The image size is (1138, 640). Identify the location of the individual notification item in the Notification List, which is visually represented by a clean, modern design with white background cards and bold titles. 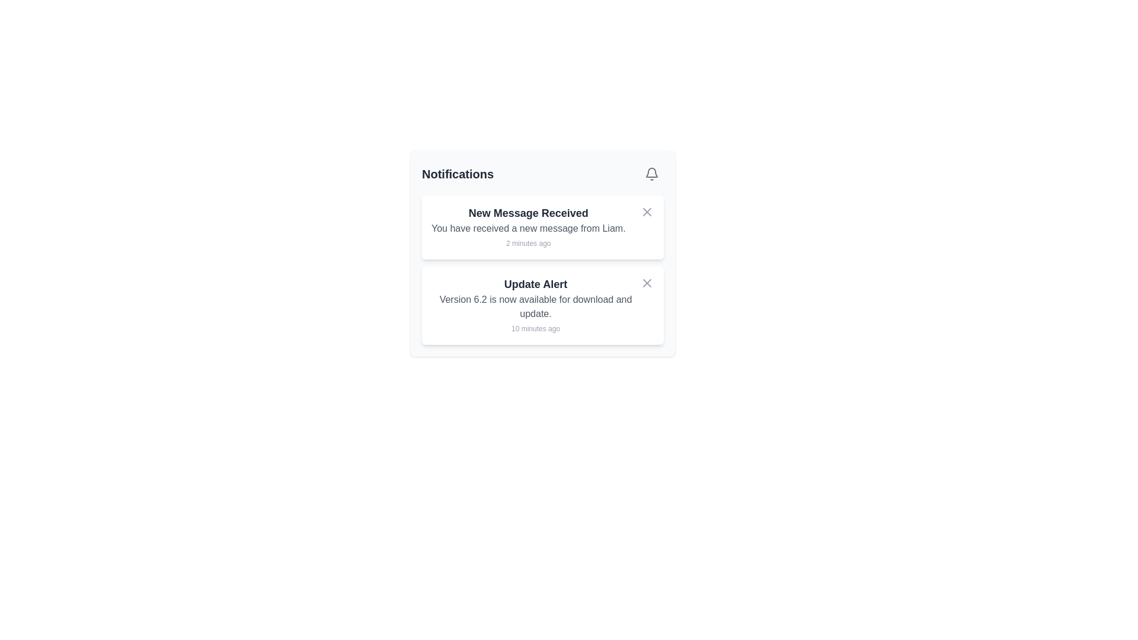
(542, 270).